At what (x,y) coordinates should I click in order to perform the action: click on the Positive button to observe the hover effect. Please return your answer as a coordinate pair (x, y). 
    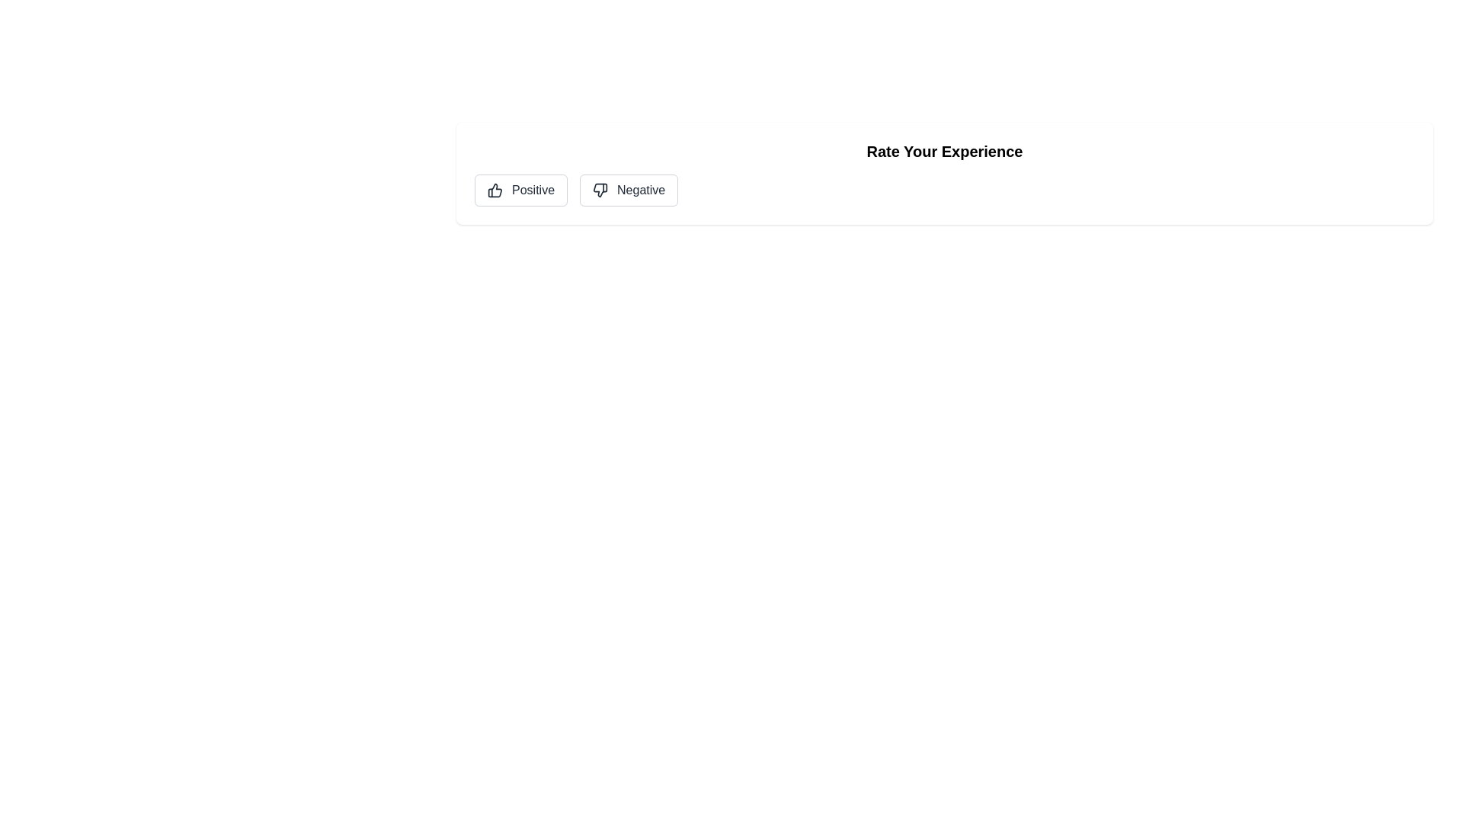
    Looking at the image, I should click on (521, 190).